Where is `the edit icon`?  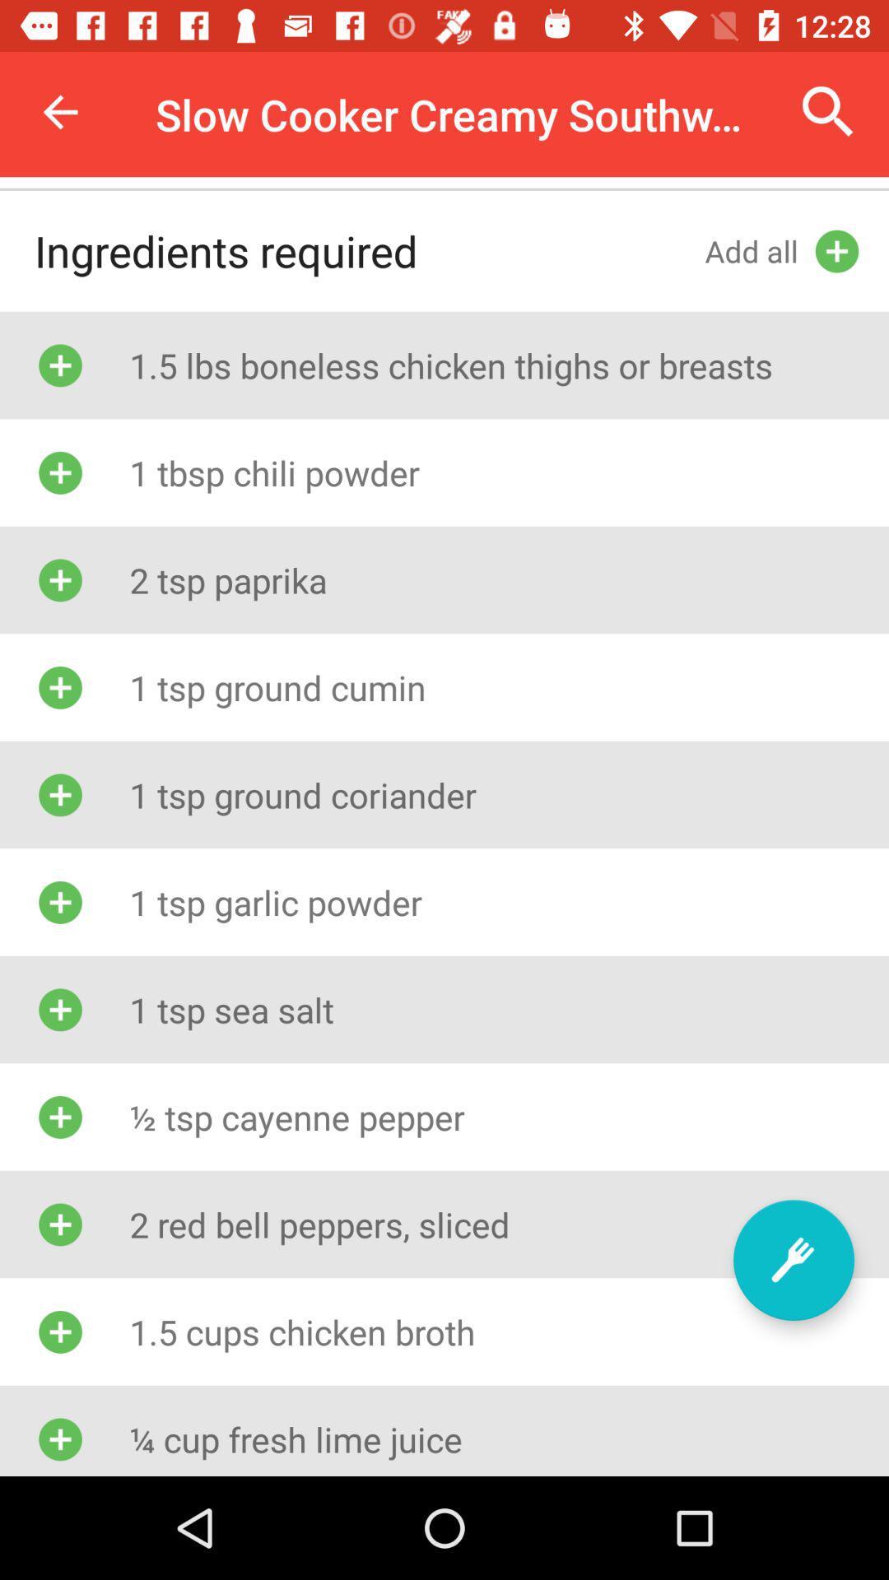 the edit icon is located at coordinates (793, 1259).